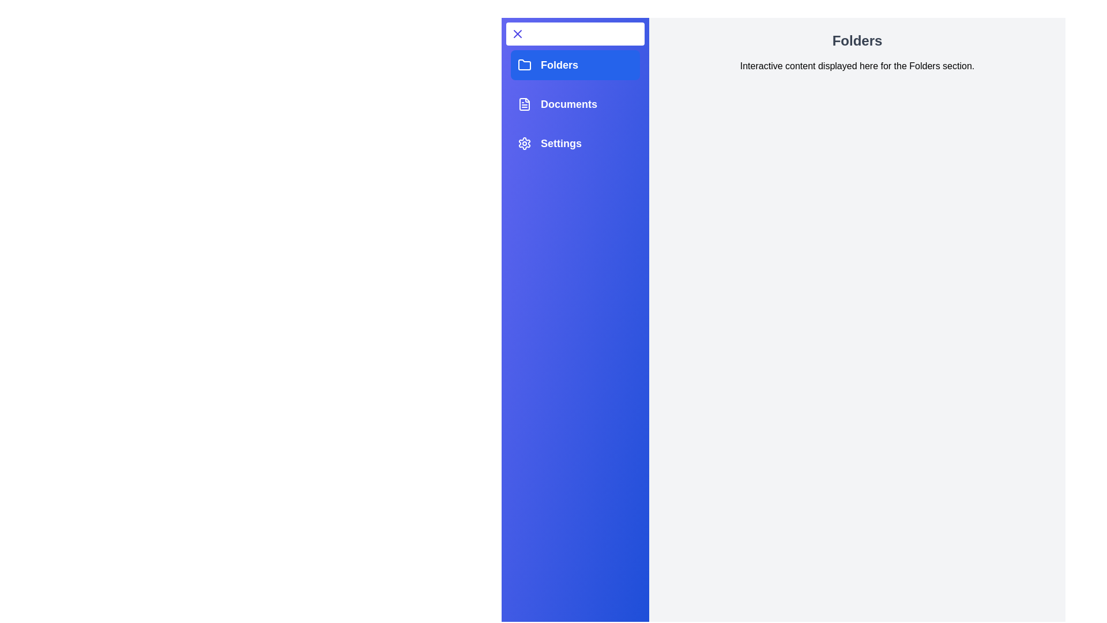 Image resolution: width=1107 pixels, height=623 pixels. Describe the element at coordinates (575, 104) in the screenshot. I see `the Documents tab to observe its hover effect` at that location.